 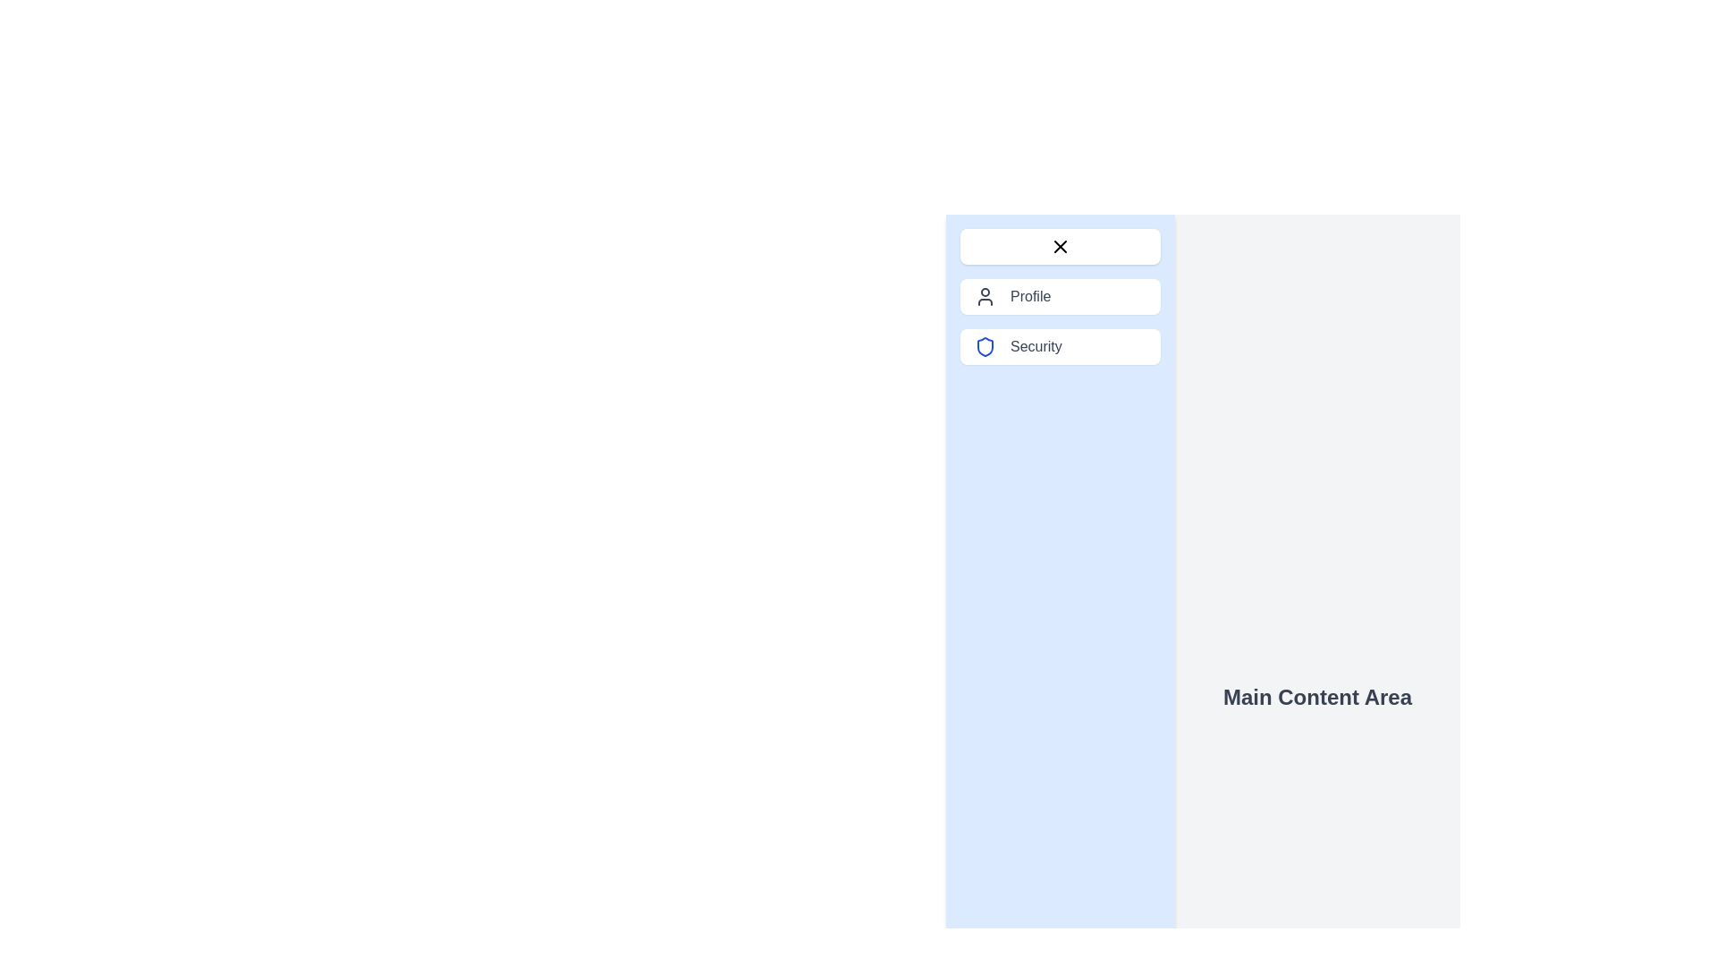 I want to click on the shield-shaped icon with a blue outline located next to the 'Security' label in the sidebar menu, so click(x=985, y=347).